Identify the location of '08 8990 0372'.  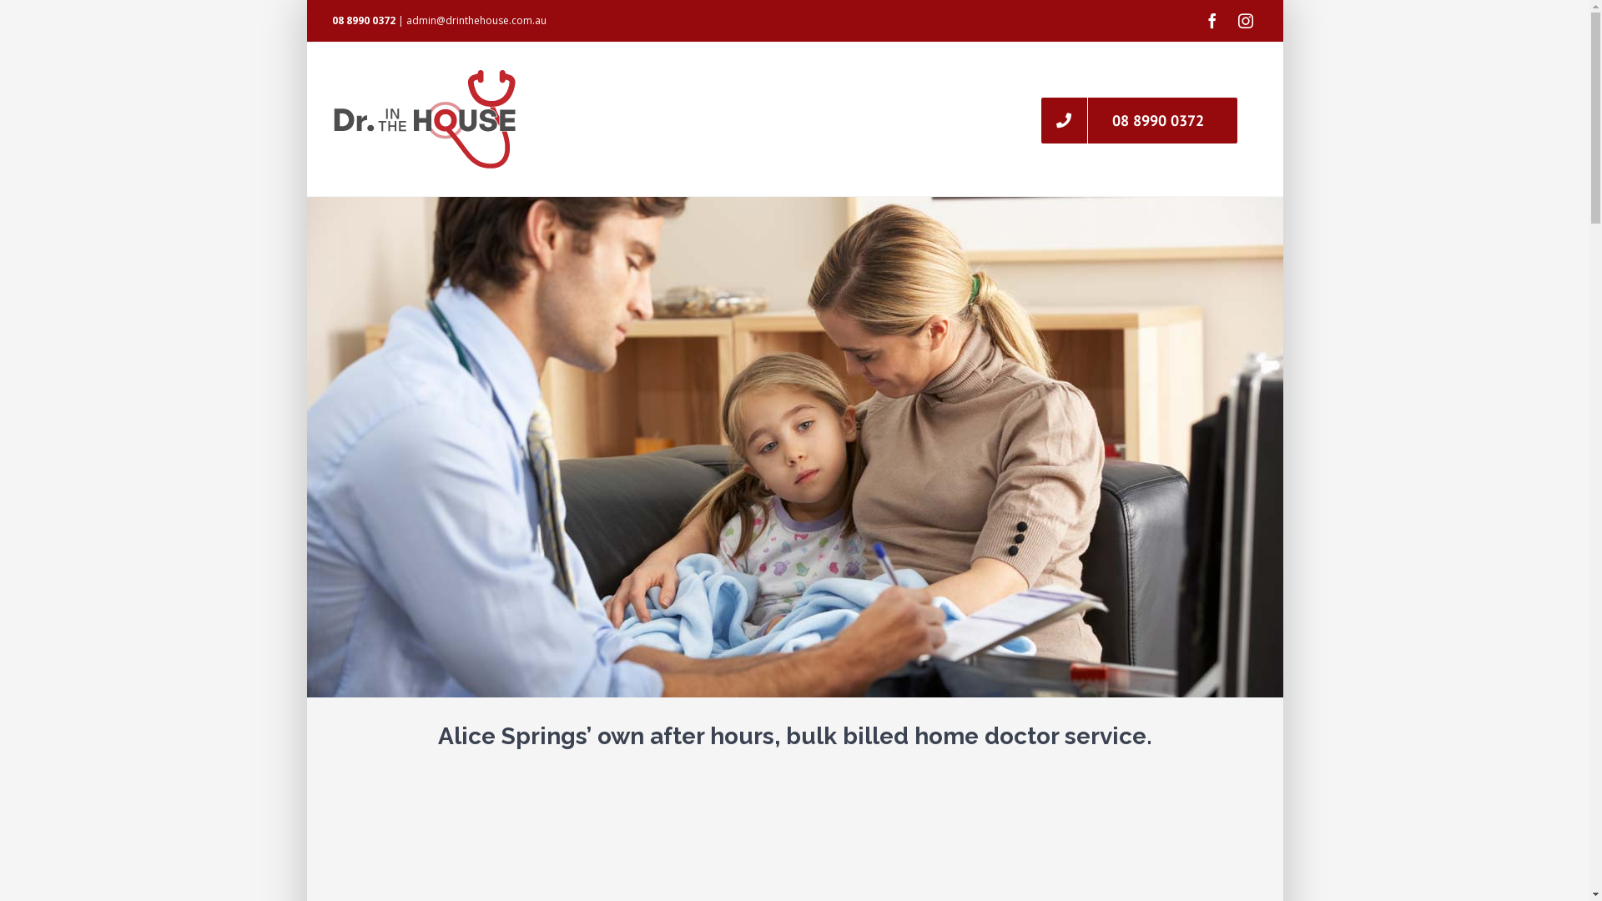
(1138, 118).